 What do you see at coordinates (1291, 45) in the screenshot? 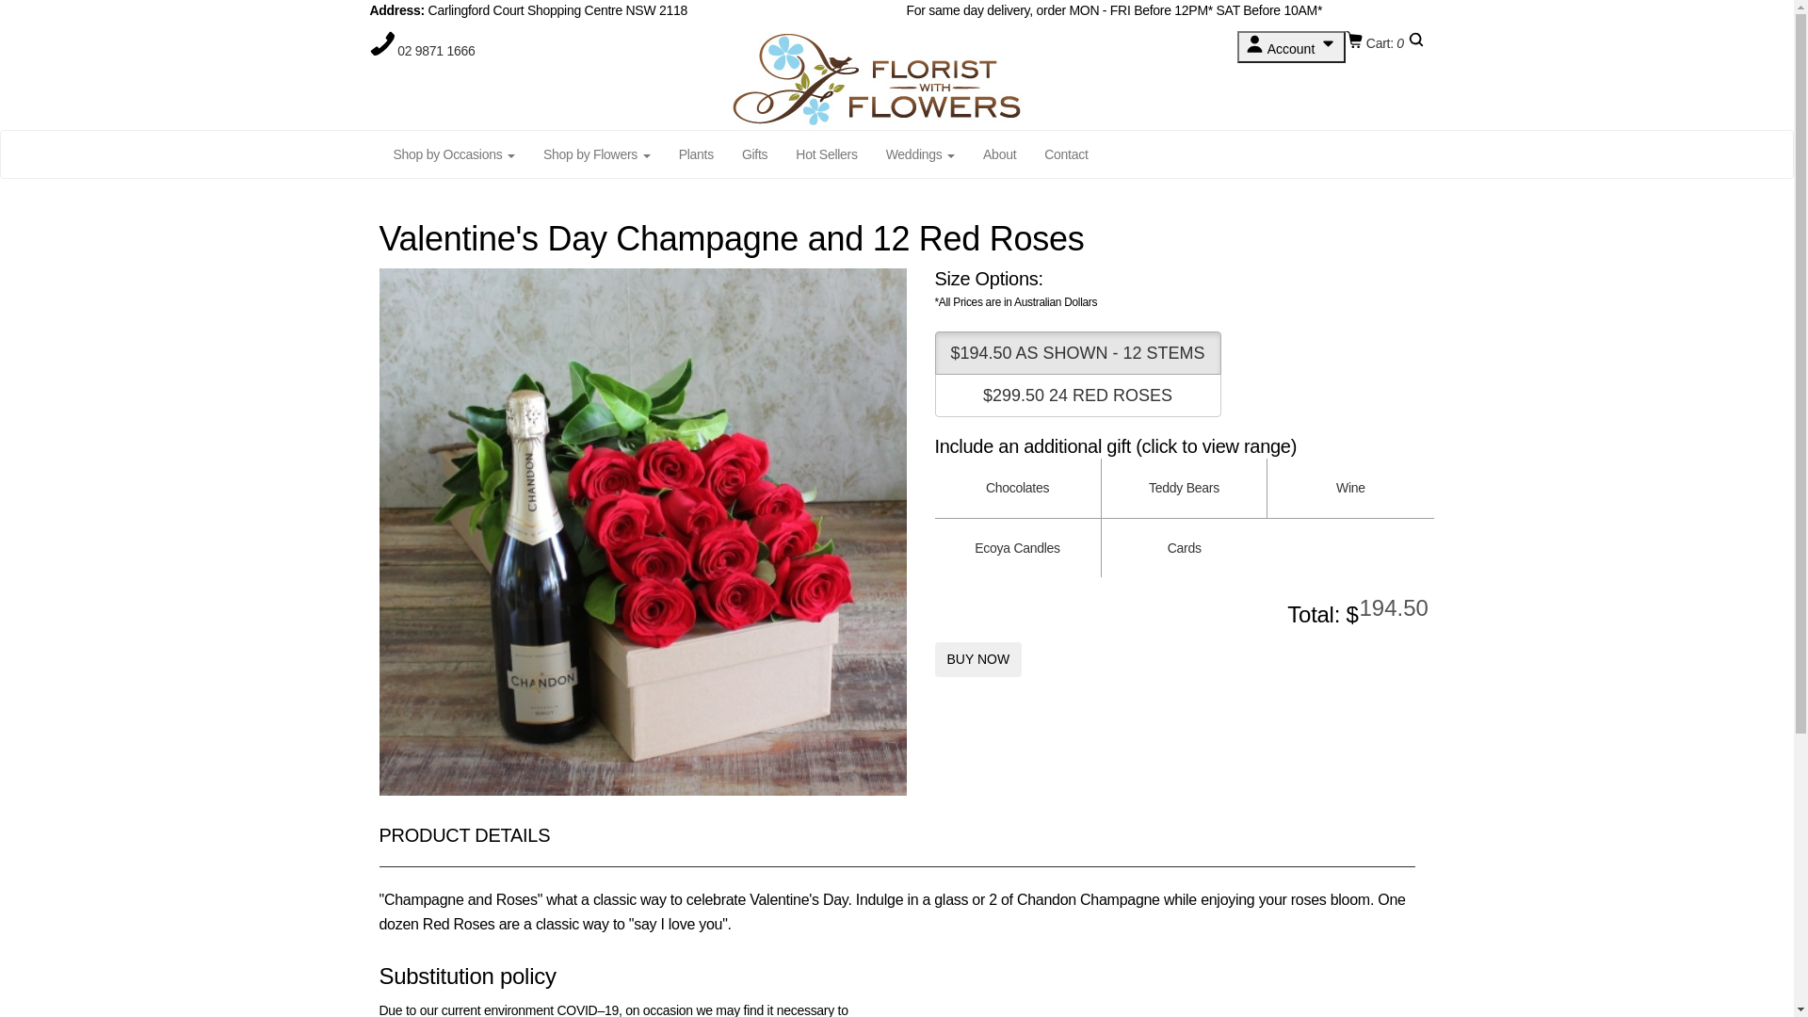
I see `'Account'` at bounding box center [1291, 45].